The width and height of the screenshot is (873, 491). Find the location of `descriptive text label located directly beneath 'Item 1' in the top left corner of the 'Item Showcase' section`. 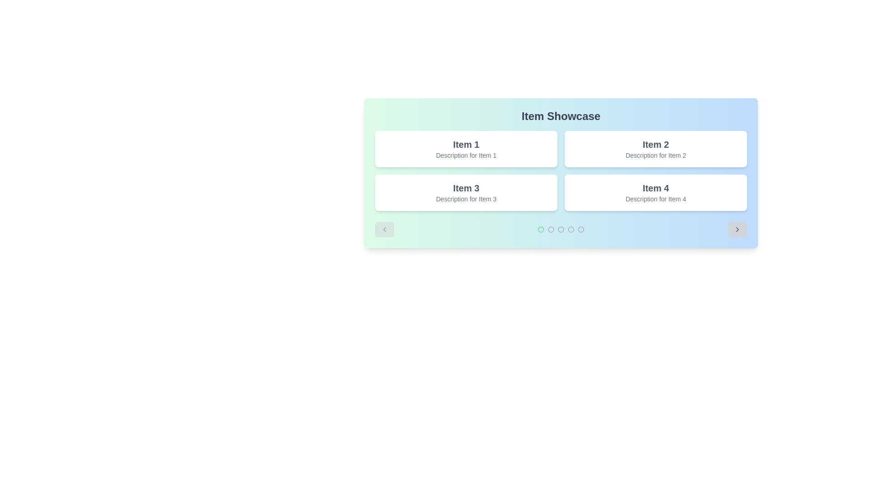

descriptive text label located directly beneath 'Item 1' in the top left corner of the 'Item Showcase' section is located at coordinates (466, 155).